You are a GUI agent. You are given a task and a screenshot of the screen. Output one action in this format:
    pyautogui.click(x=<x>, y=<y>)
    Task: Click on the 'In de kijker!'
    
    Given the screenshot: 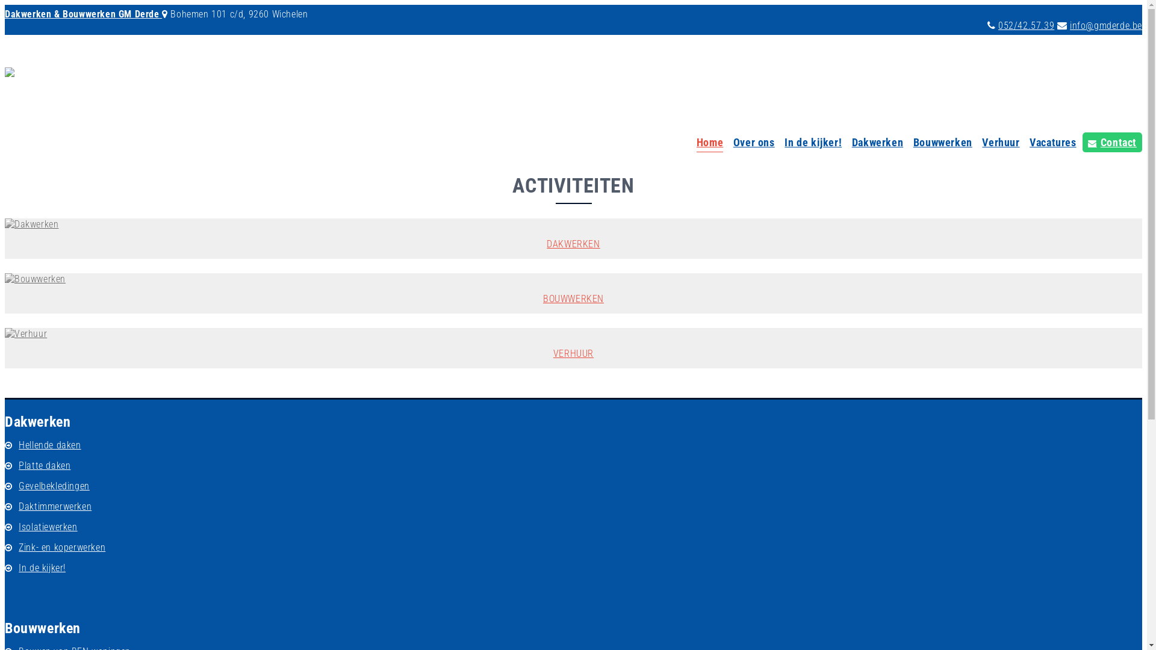 What is the action you would take?
    pyautogui.click(x=813, y=143)
    